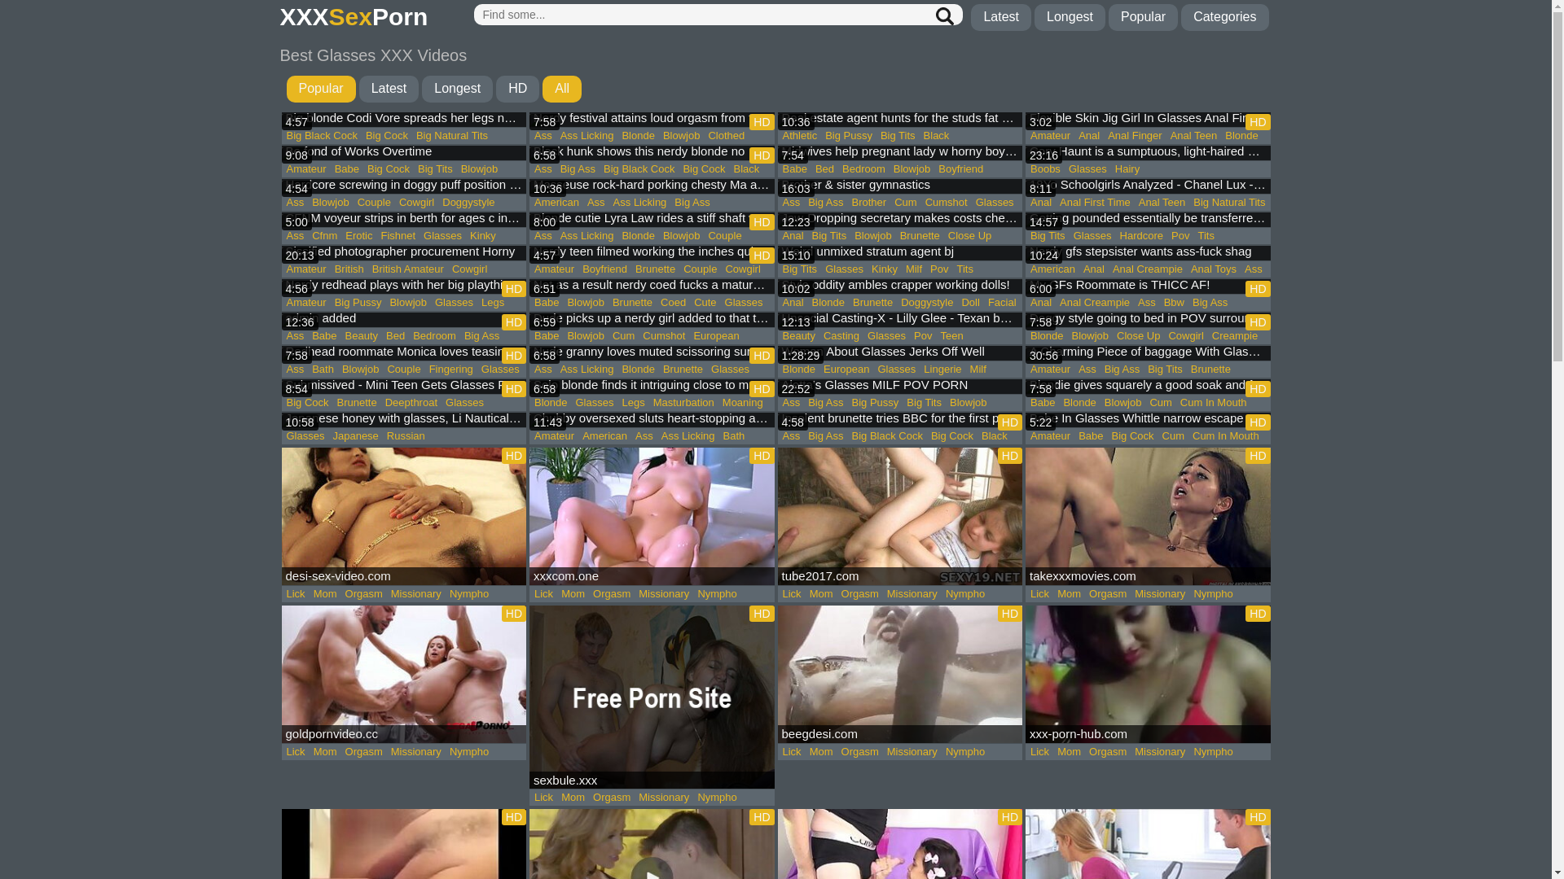 The height and width of the screenshot is (879, 1564). I want to click on 'Lingerie', so click(942, 370).